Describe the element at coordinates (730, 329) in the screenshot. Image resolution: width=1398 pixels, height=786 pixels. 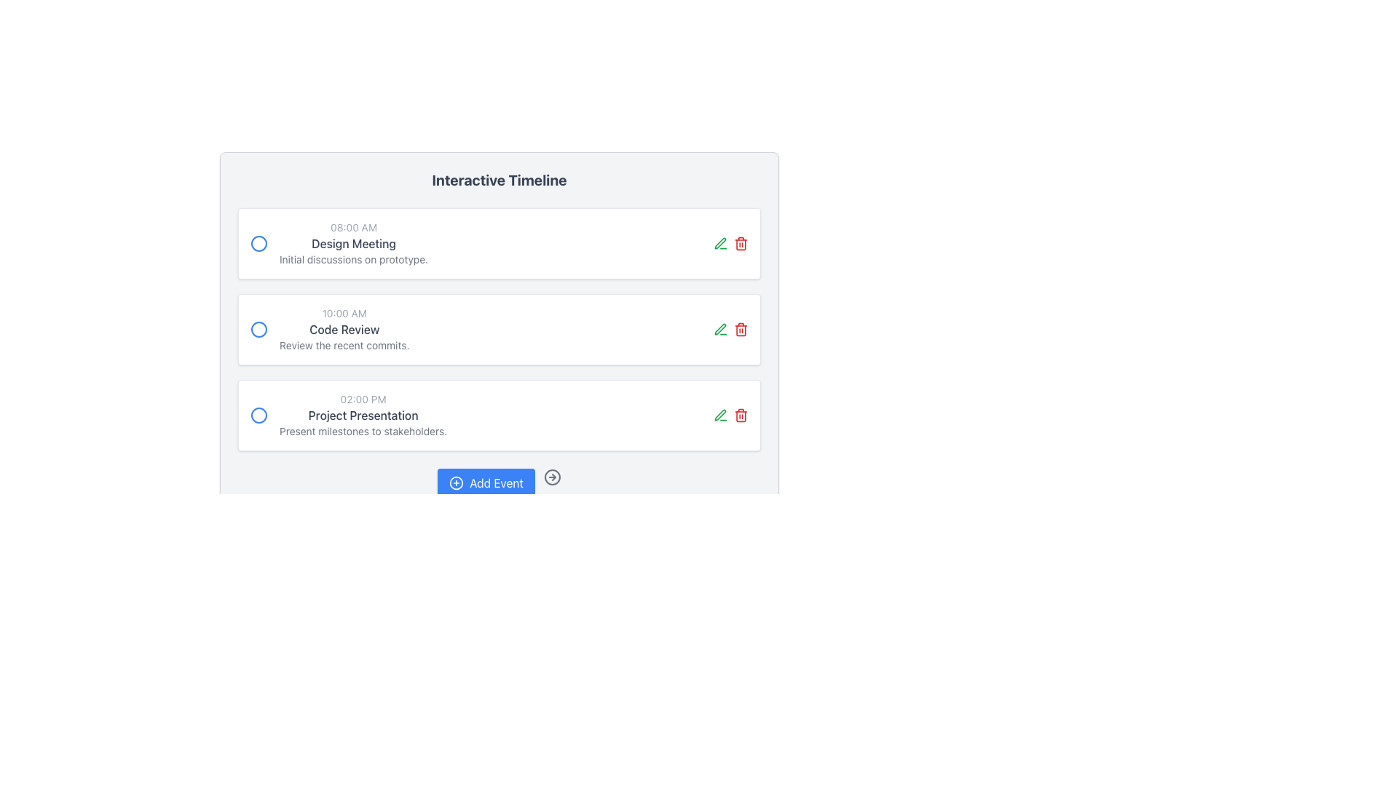
I see `the trash icon in the interactive cluster of edit and delete buttons` at that location.